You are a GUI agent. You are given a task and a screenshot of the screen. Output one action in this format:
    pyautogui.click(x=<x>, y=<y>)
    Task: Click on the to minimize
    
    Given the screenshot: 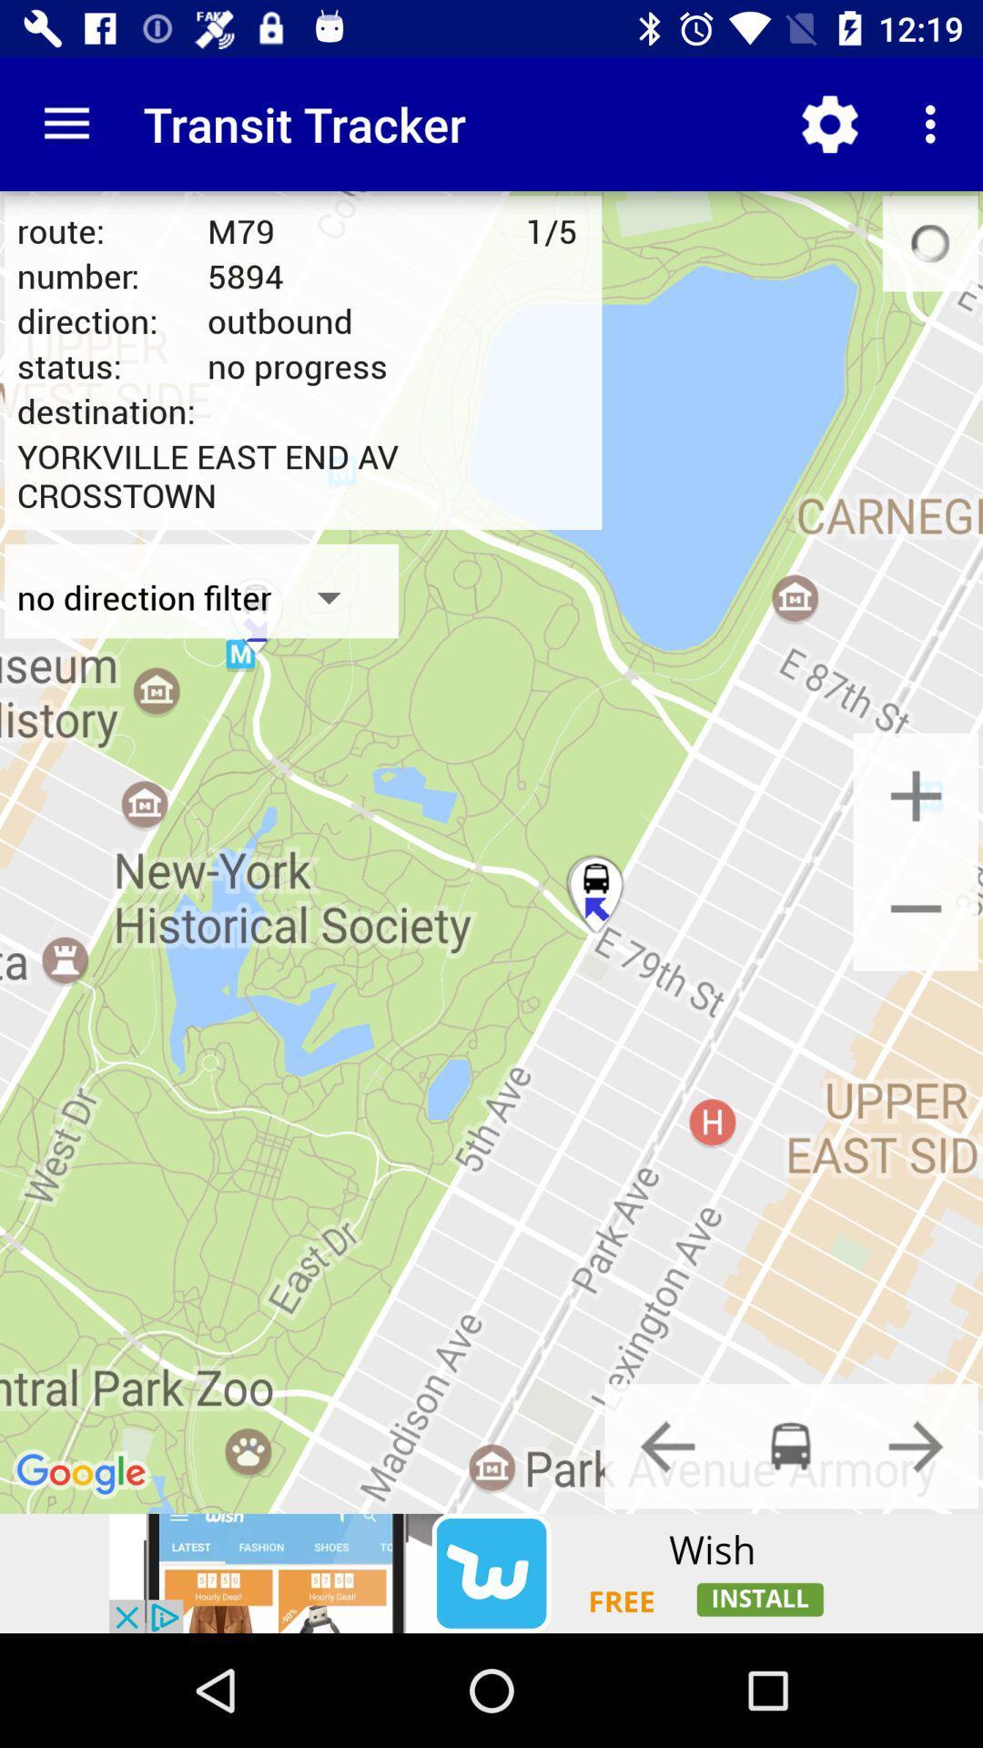 What is the action you would take?
    pyautogui.click(x=916, y=908)
    